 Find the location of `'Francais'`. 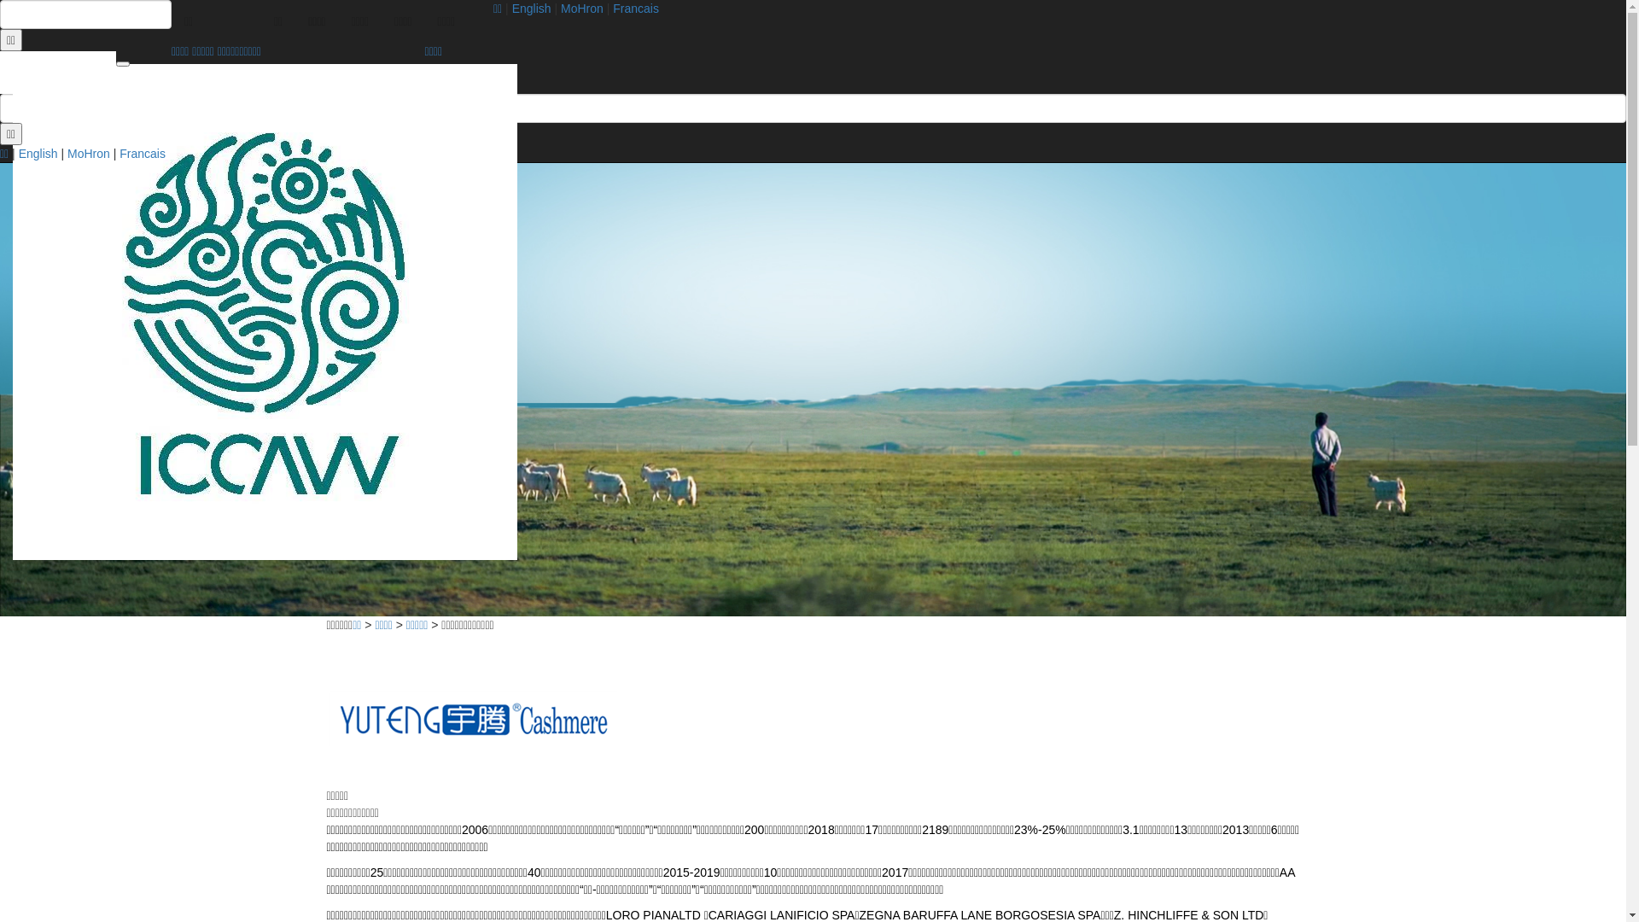

'Francais' is located at coordinates (634, 9).